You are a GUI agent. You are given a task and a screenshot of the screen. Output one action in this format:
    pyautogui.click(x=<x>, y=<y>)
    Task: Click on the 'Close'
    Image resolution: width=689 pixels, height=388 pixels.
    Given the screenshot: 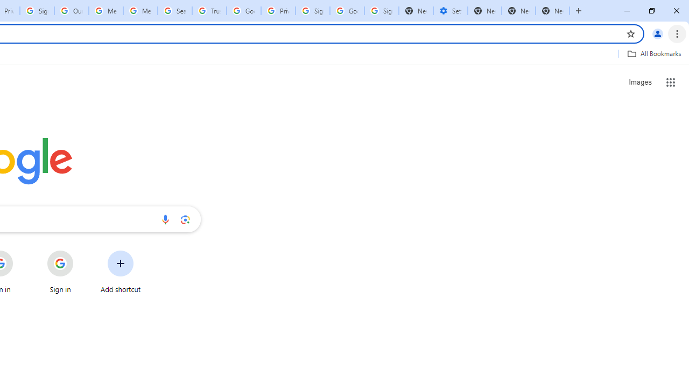 What is the action you would take?
    pyautogui.click(x=676, y=11)
    